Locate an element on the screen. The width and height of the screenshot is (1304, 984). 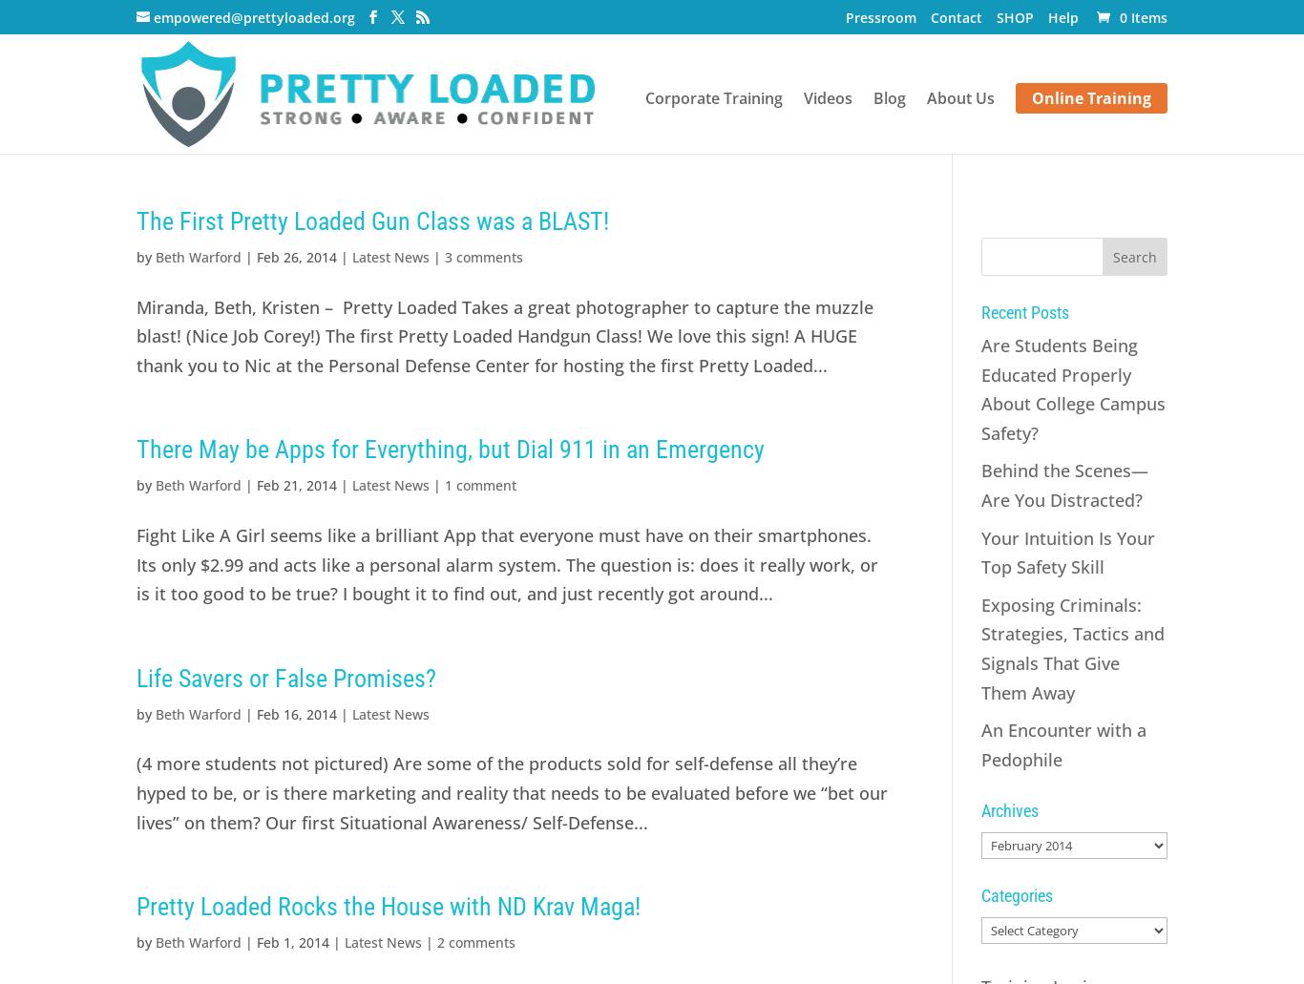
'Pretty Loaded Rocks the House with ND Krav Maga!' is located at coordinates (388, 905).